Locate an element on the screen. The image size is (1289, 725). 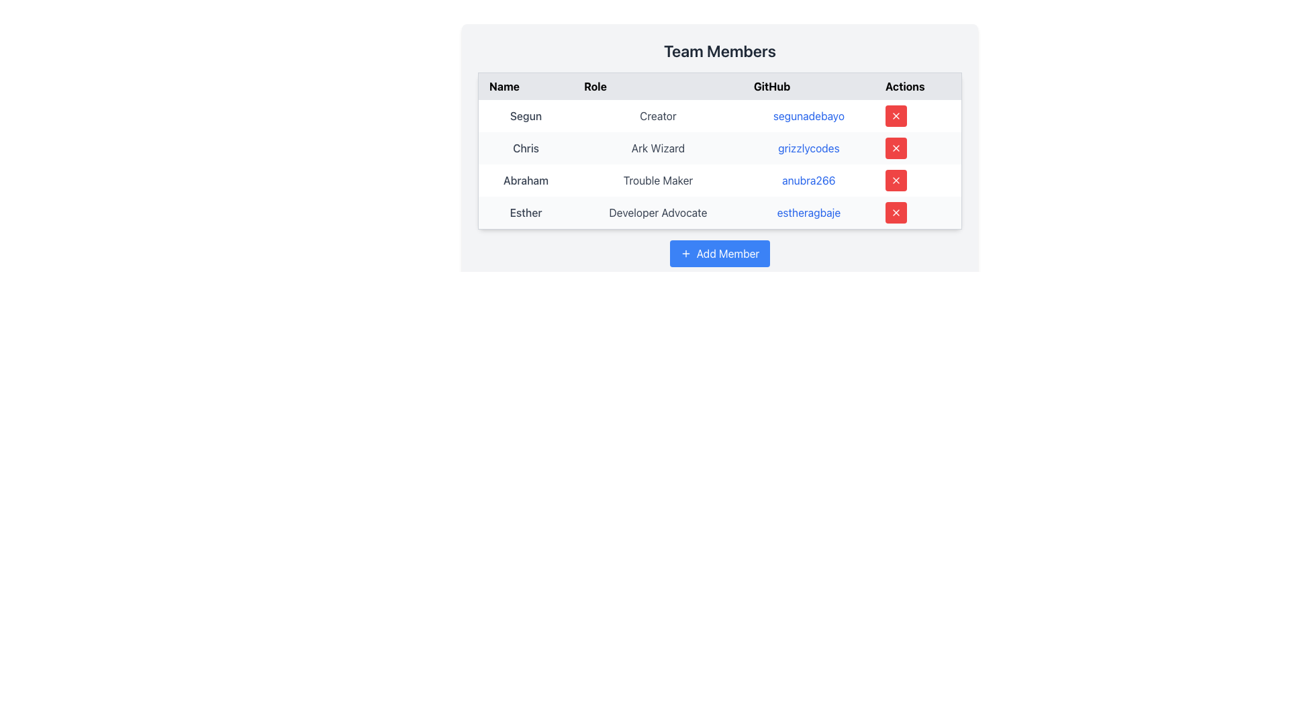
the text label displaying the role of 'Segun' in the team, located in the second column of the first row under the 'Role' header in the members table is located at coordinates (658, 115).